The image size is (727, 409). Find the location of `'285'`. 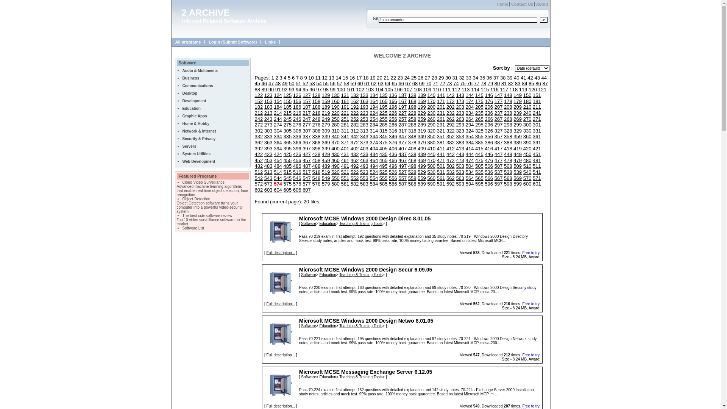

'285' is located at coordinates (383, 124).